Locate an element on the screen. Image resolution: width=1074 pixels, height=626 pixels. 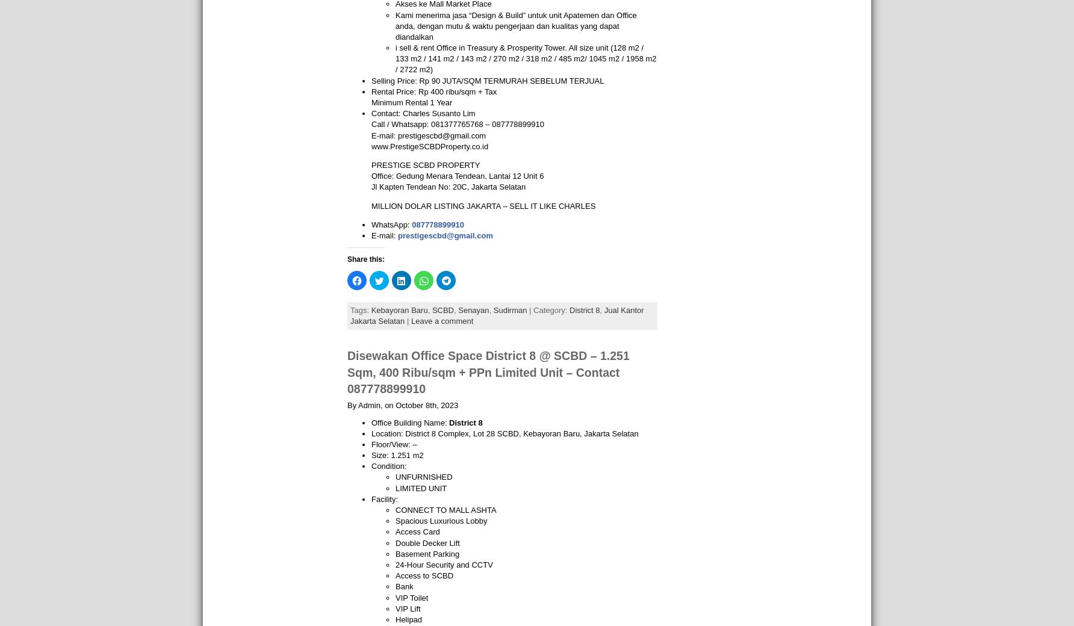
'CONNECT TO MALL ASHTA' is located at coordinates (445, 509).